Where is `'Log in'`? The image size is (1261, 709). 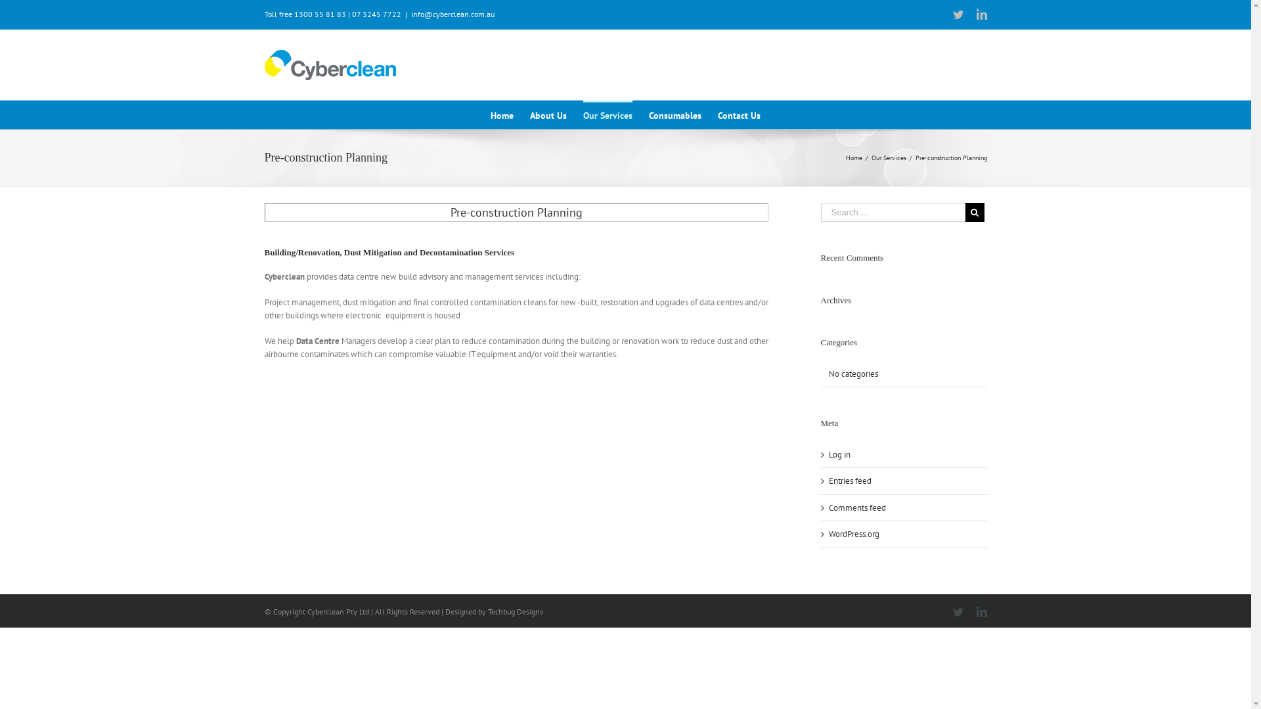 'Log in' is located at coordinates (839, 454).